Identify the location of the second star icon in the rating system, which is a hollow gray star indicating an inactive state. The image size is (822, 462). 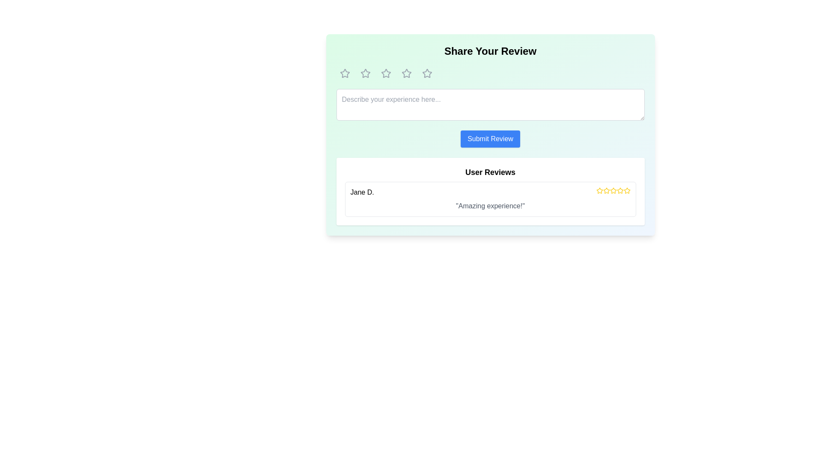
(385, 73).